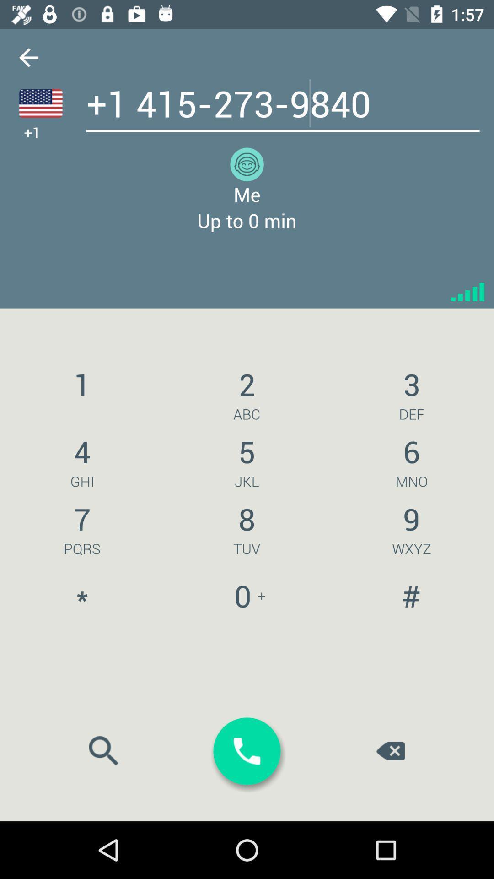  I want to click on call the number, so click(247, 751).